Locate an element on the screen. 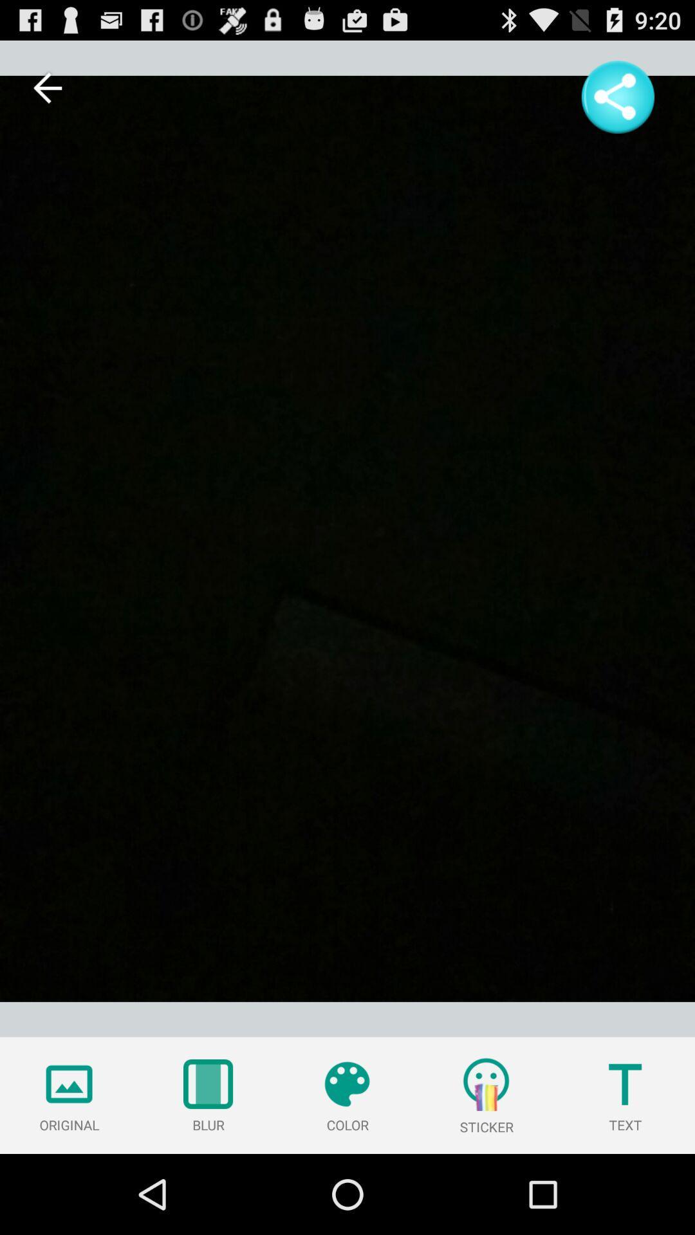 The height and width of the screenshot is (1235, 695). the arrow_backward icon is located at coordinates (46, 93).